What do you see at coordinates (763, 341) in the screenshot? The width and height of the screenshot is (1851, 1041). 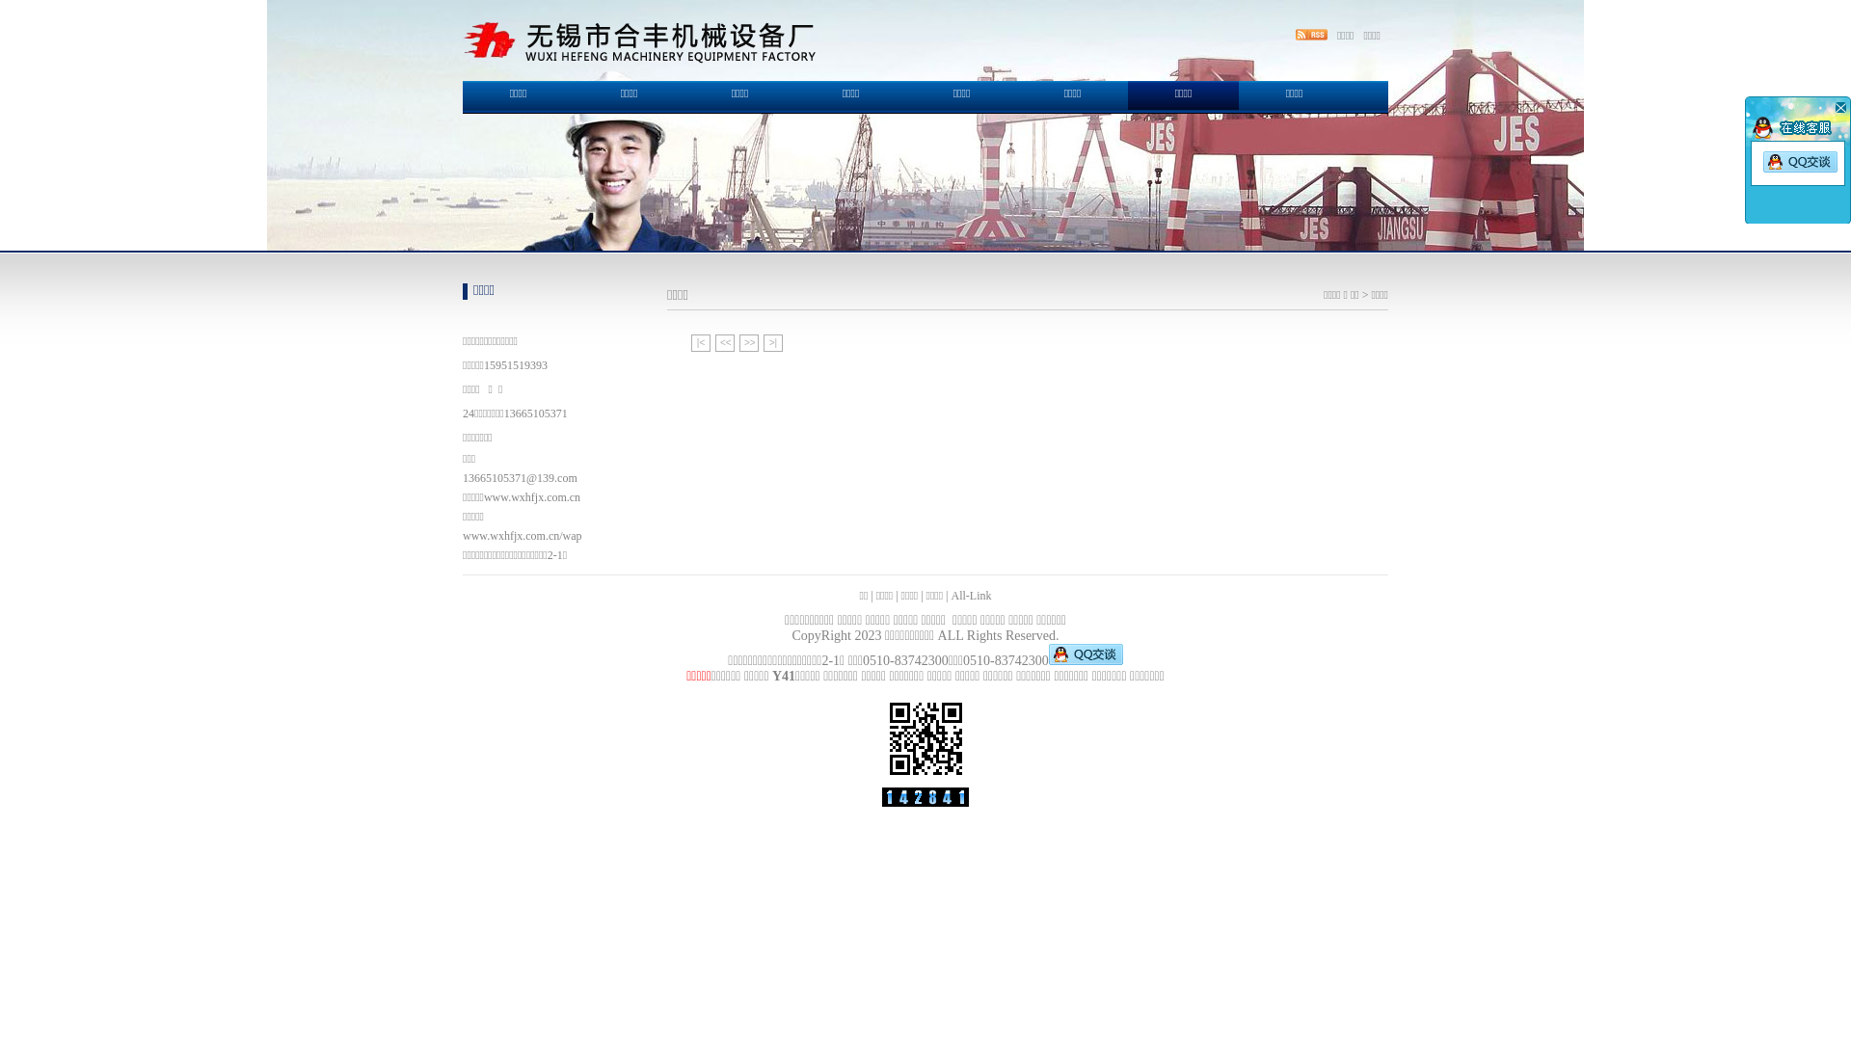 I see `'>|'` at bounding box center [763, 341].